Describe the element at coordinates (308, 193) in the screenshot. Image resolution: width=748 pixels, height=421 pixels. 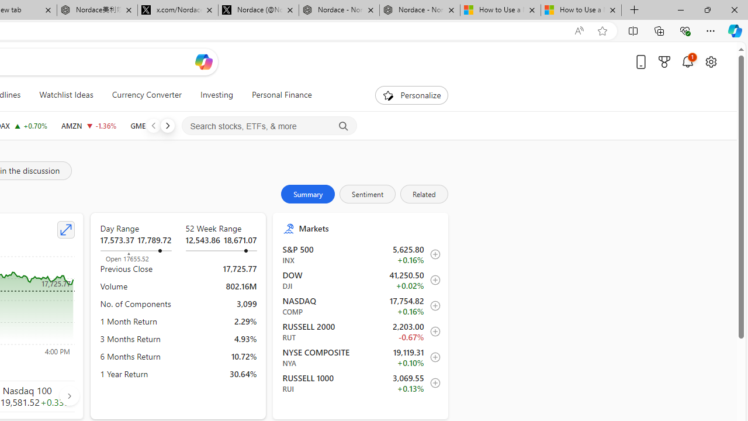
I see `'Summary'` at that location.